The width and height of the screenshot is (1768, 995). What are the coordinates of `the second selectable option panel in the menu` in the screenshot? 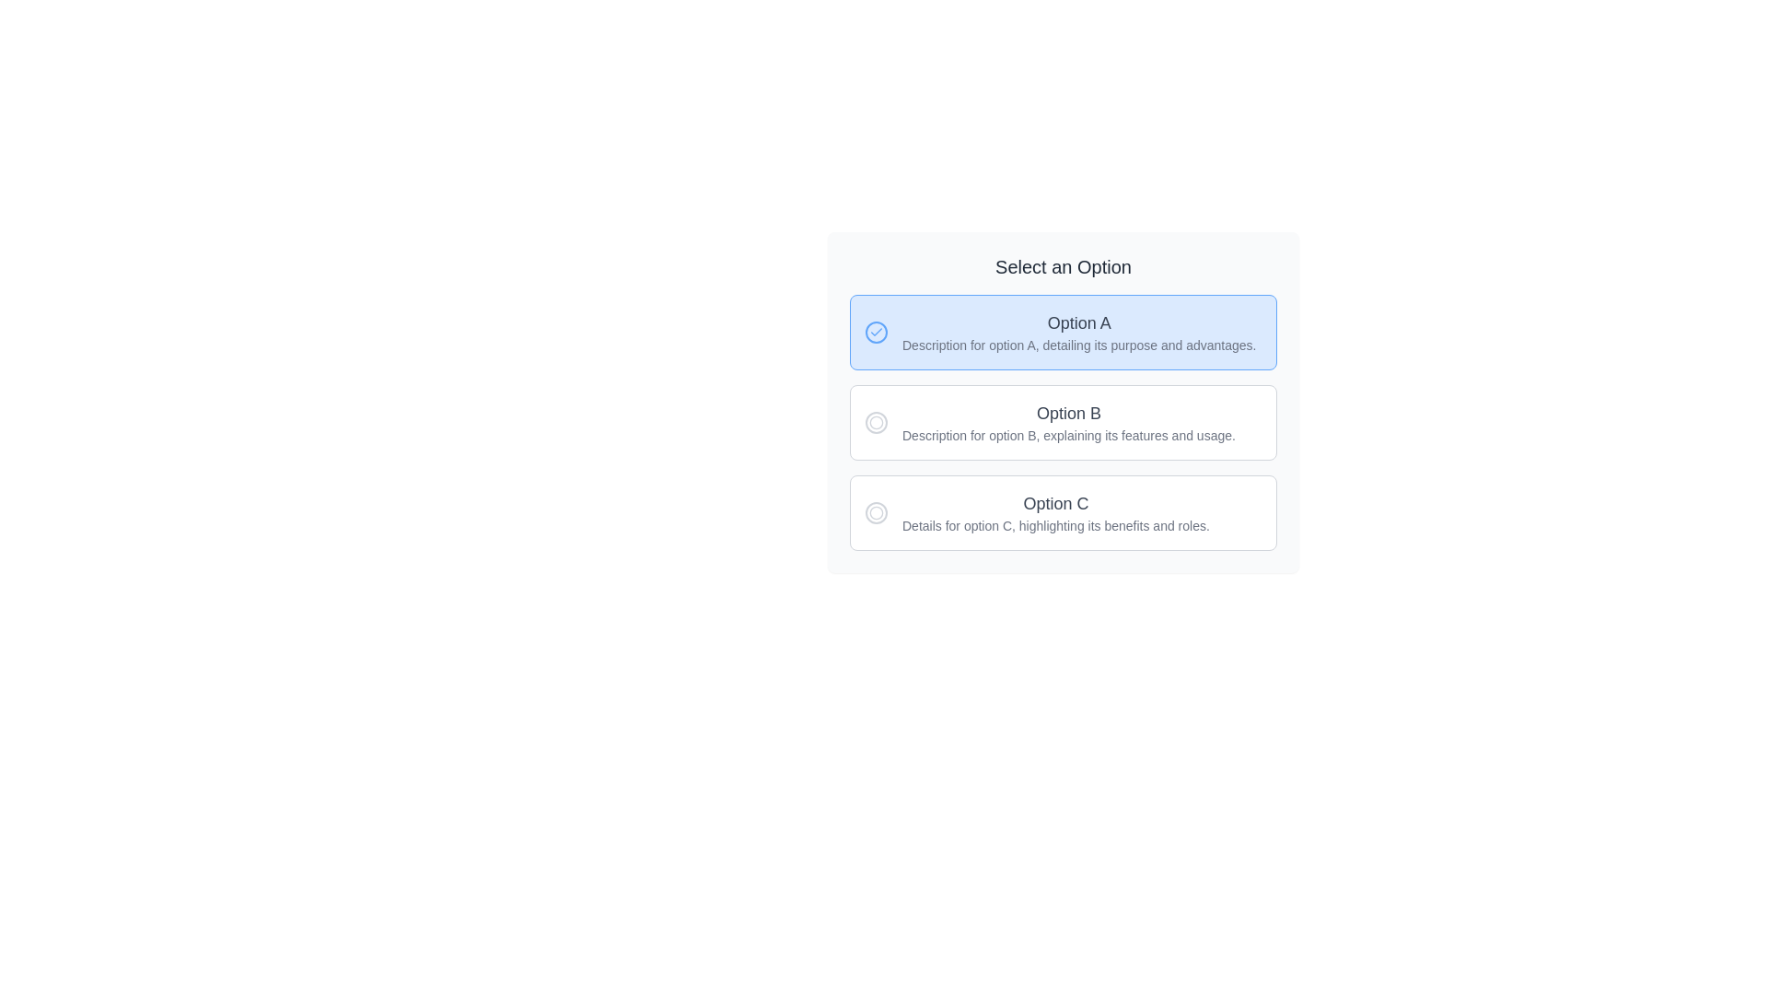 It's located at (1064, 401).